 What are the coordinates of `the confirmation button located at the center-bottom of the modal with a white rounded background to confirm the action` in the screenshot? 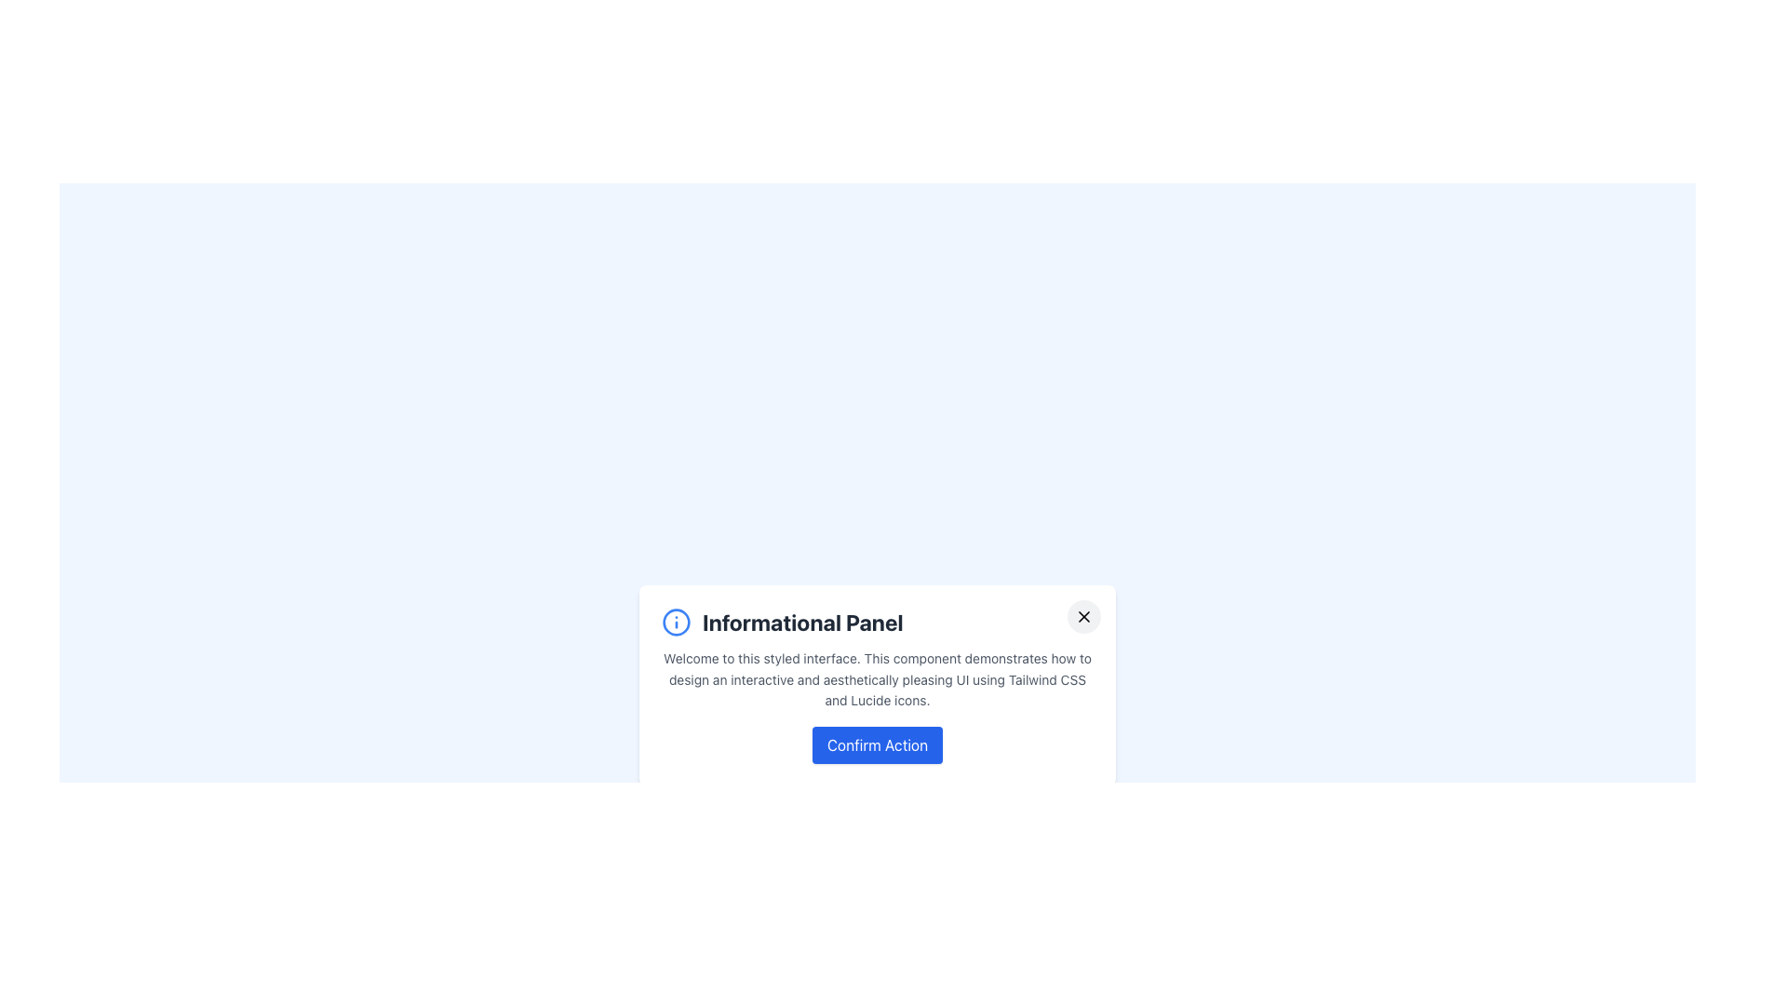 It's located at (876, 744).